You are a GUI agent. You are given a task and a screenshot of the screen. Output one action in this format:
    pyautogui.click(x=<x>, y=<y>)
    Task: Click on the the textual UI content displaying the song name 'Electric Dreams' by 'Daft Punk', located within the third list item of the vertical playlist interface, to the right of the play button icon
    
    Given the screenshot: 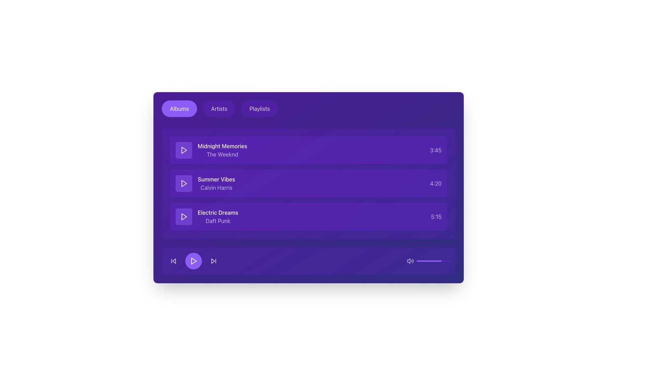 What is the action you would take?
    pyautogui.click(x=218, y=216)
    